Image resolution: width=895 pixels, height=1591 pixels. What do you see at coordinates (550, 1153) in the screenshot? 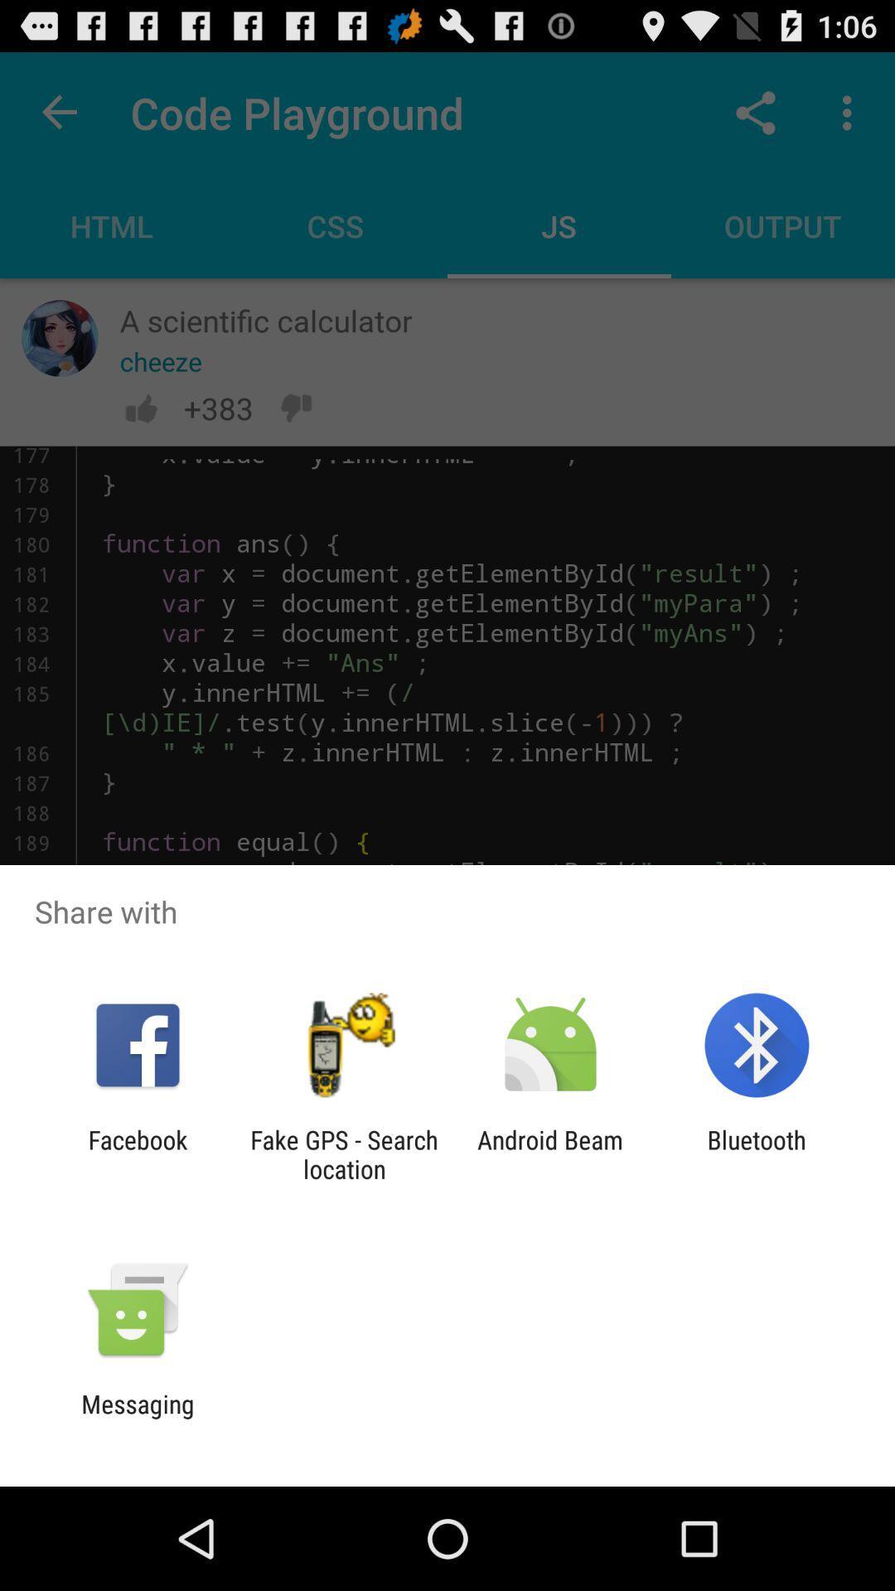
I see `icon next to the bluetooth` at bounding box center [550, 1153].